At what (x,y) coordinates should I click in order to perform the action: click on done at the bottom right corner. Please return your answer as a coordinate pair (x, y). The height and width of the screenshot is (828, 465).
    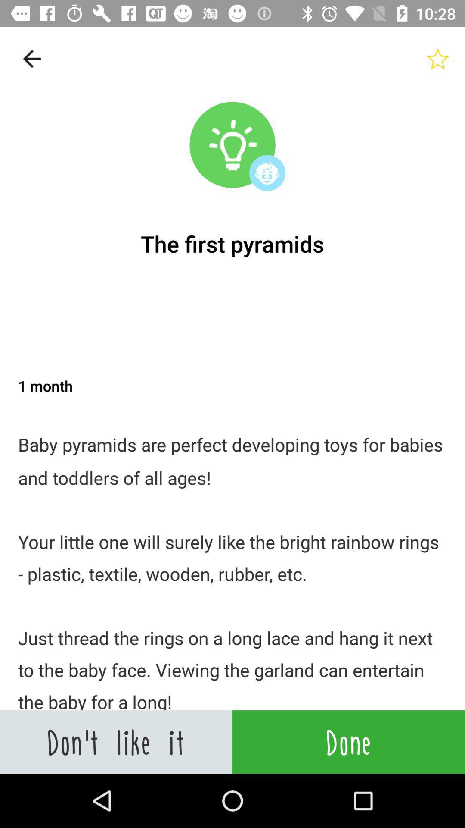
    Looking at the image, I should click on (349, 741).